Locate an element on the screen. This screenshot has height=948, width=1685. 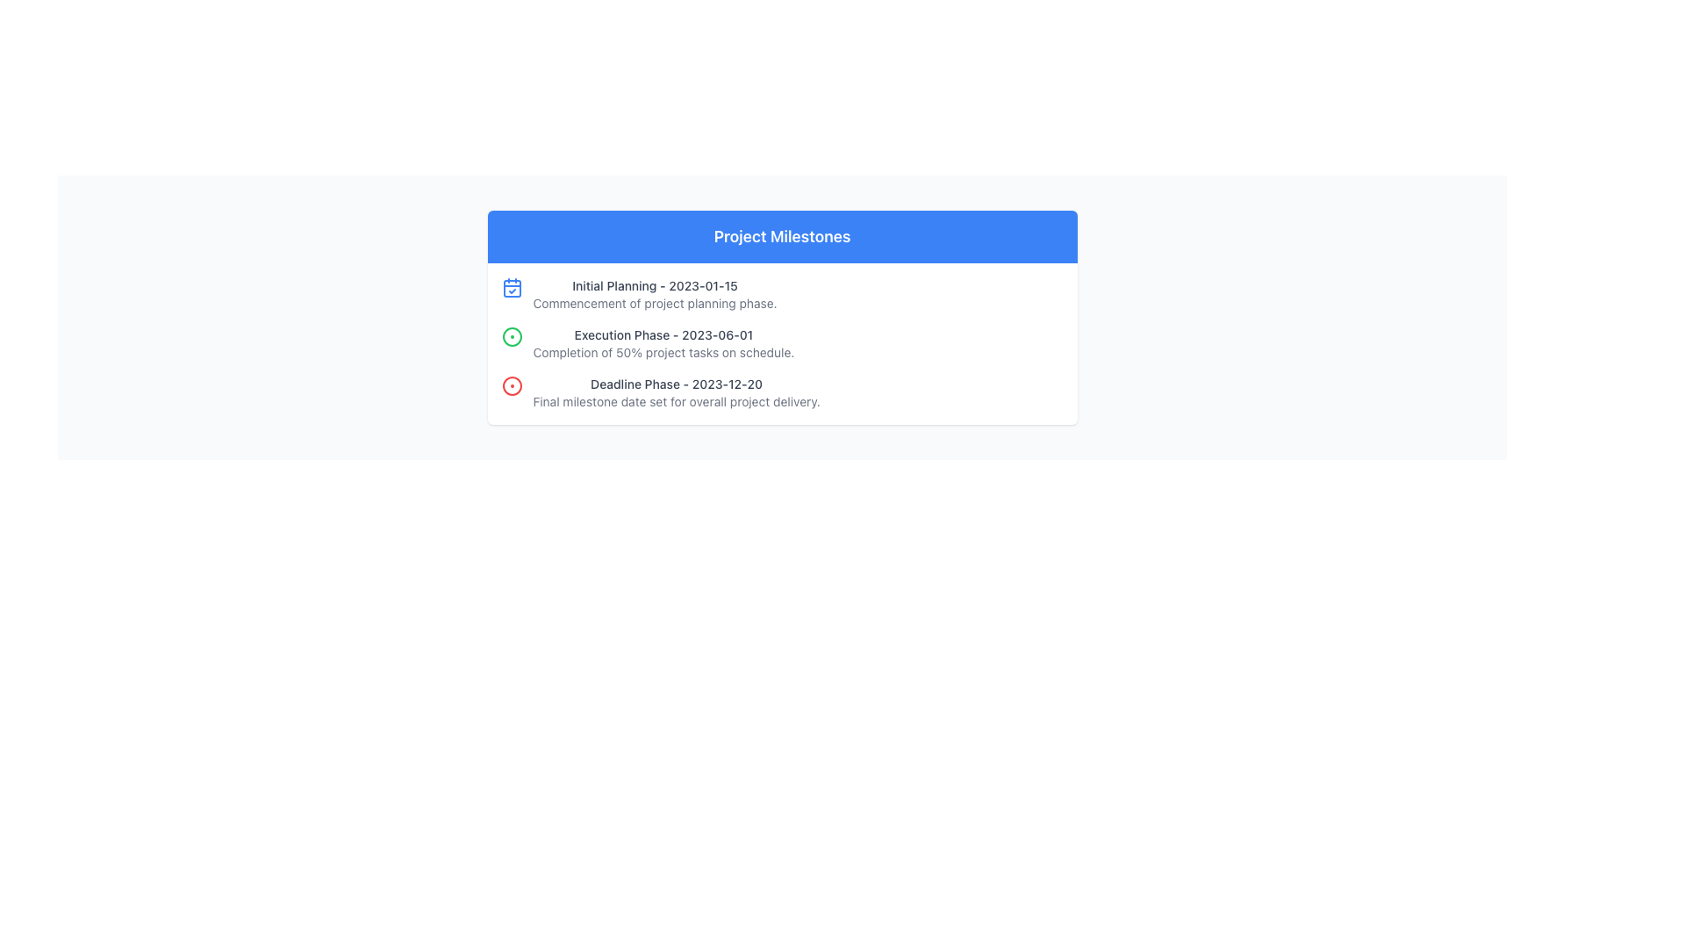
the decorative shape of the calendar icon located at the top-left corner of 'Initial Planning - 2023-01-15' is located at coordinates (511, 287).